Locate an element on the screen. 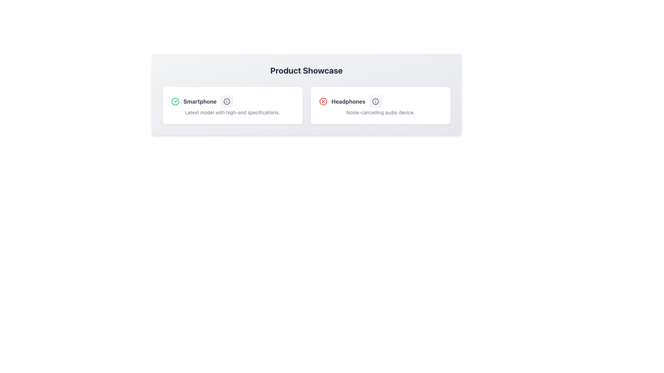 Image resolution: width=664 pixels, height=373 pixels. the static text label providing additional information about the 'Smartphone' product located at the bottom of the product card is located at coordinates (232, 112).